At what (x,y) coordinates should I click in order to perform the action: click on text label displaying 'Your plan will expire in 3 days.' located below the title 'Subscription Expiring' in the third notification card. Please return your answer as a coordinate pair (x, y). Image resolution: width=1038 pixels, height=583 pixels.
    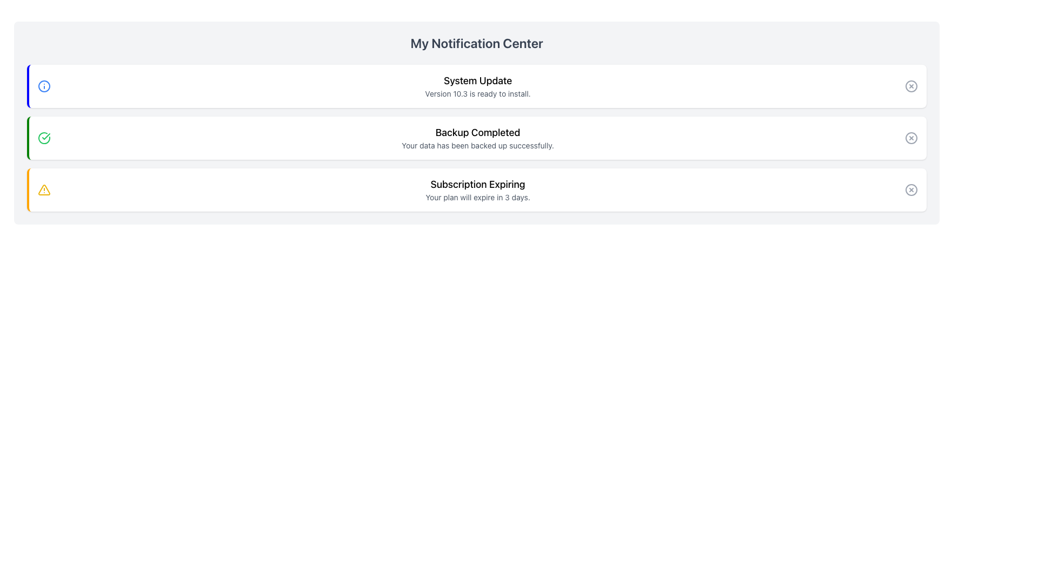
    Looking at the image, I should click on (477, 198).